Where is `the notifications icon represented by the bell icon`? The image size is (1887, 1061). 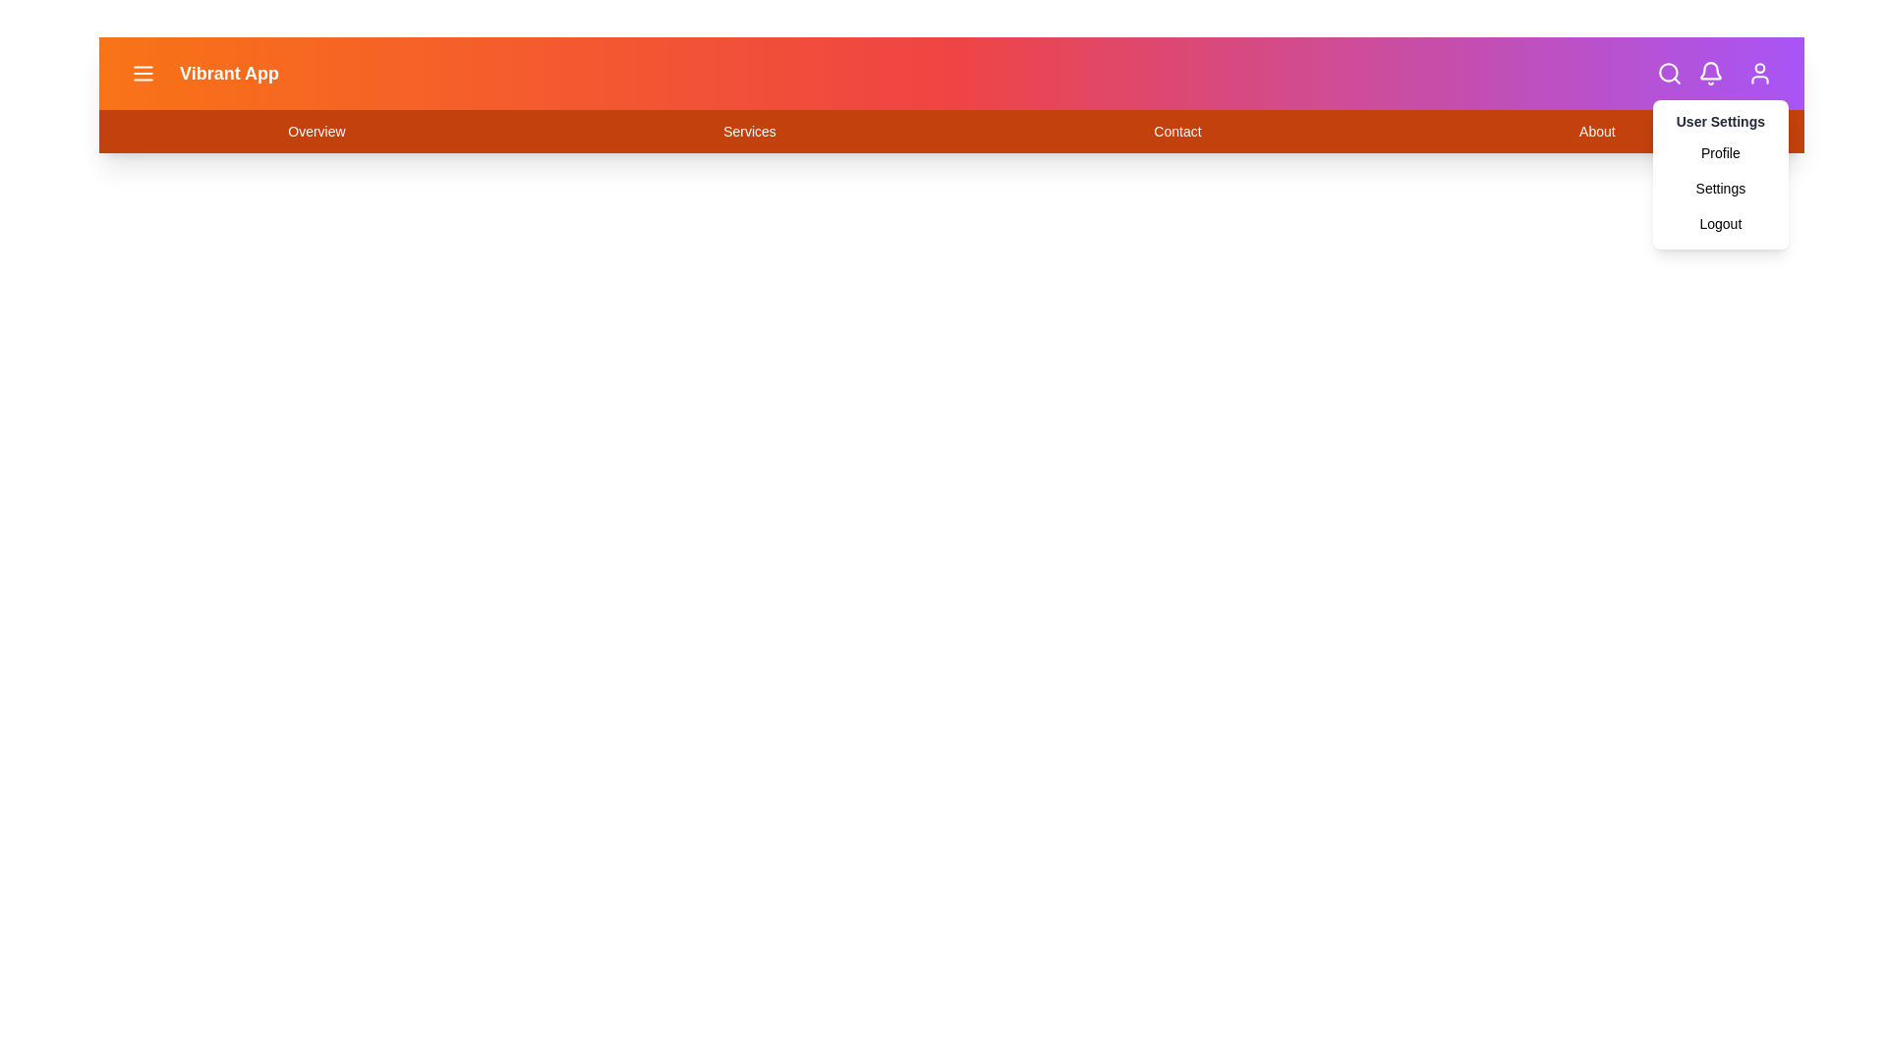
the notifications icon represented by the bell icon is located at coordinates (1710, 72).